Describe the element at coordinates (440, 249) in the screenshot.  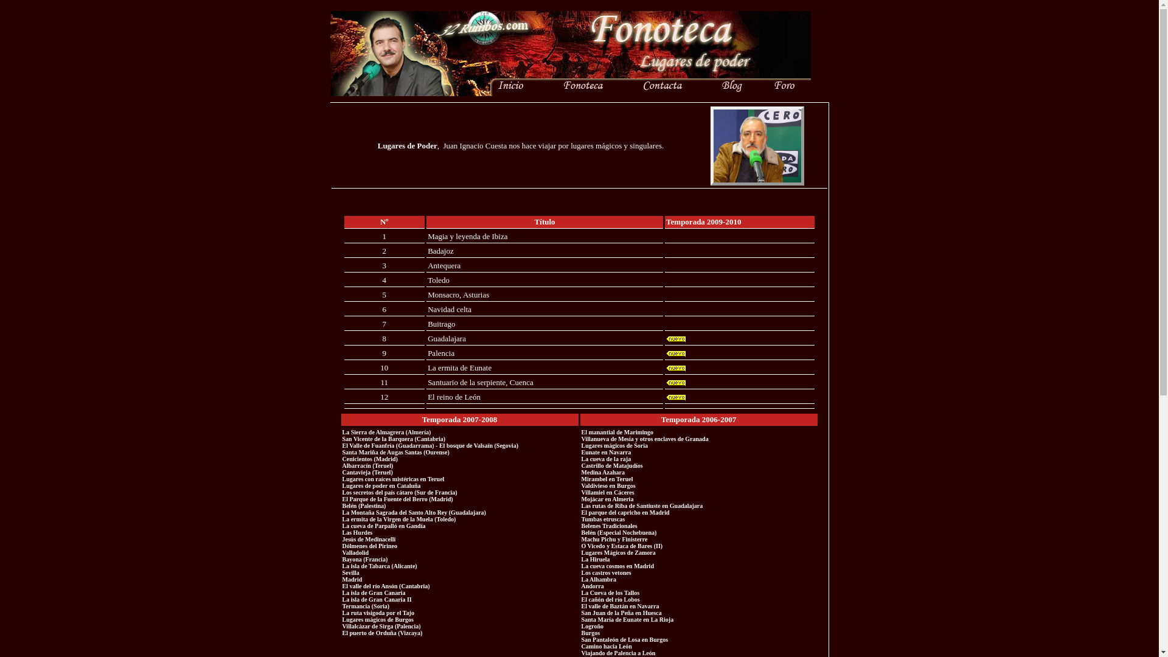
I see `'Badajoz'` at that location.